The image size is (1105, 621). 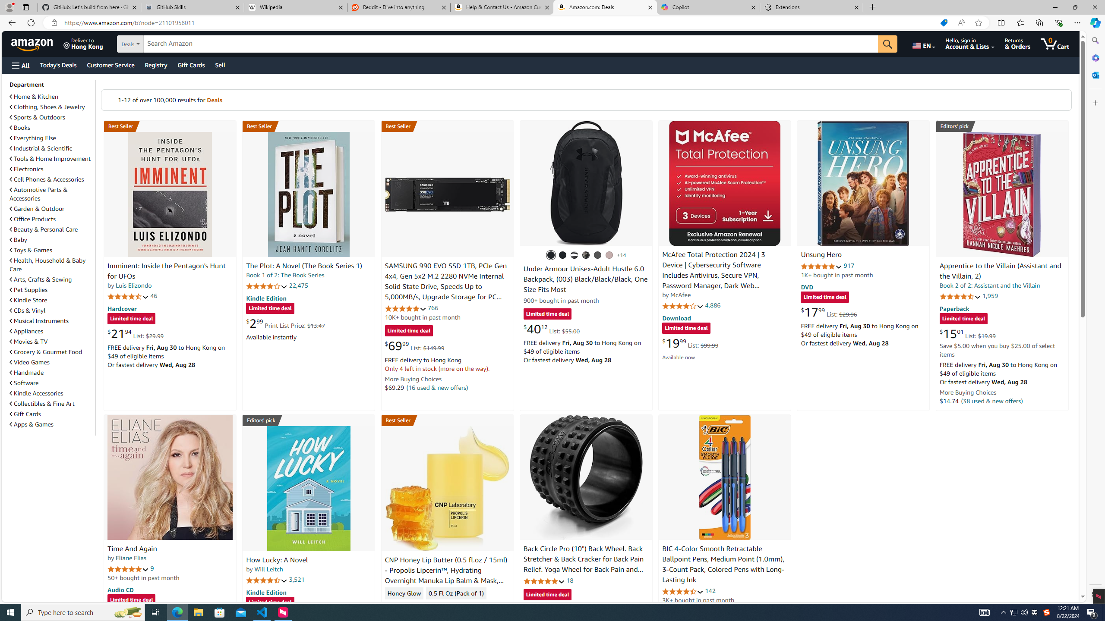 I want to click on 'Search in', so click(x=160, y=44).